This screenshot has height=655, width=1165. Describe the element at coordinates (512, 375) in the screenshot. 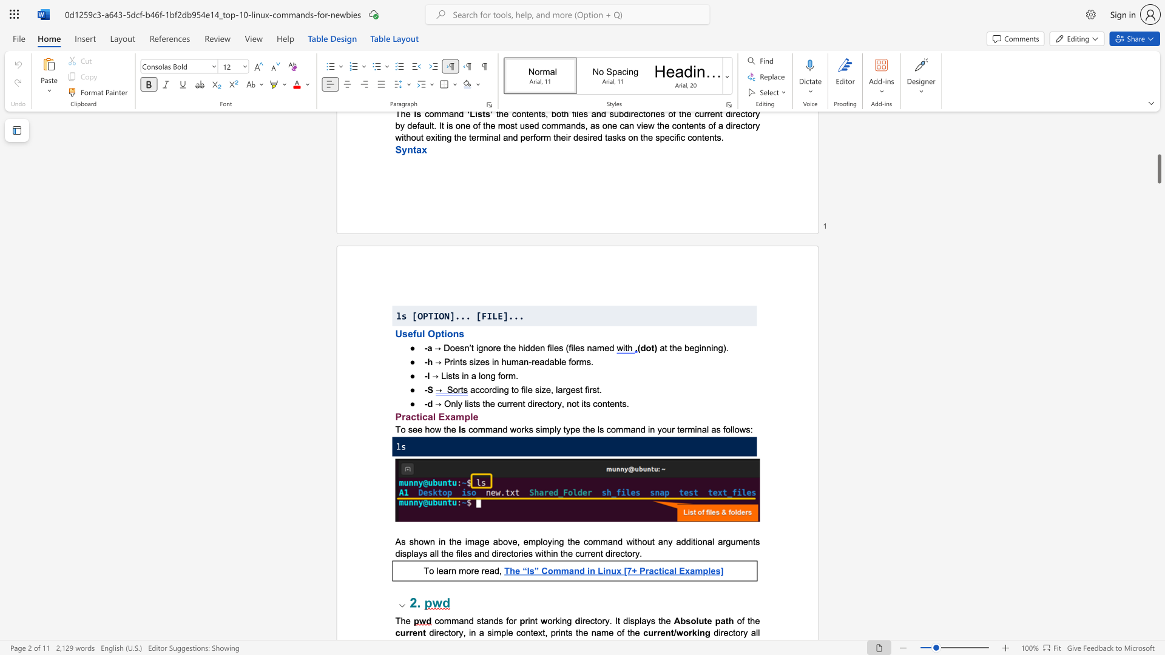

I see `the 1th character "m" in the text` at that location.